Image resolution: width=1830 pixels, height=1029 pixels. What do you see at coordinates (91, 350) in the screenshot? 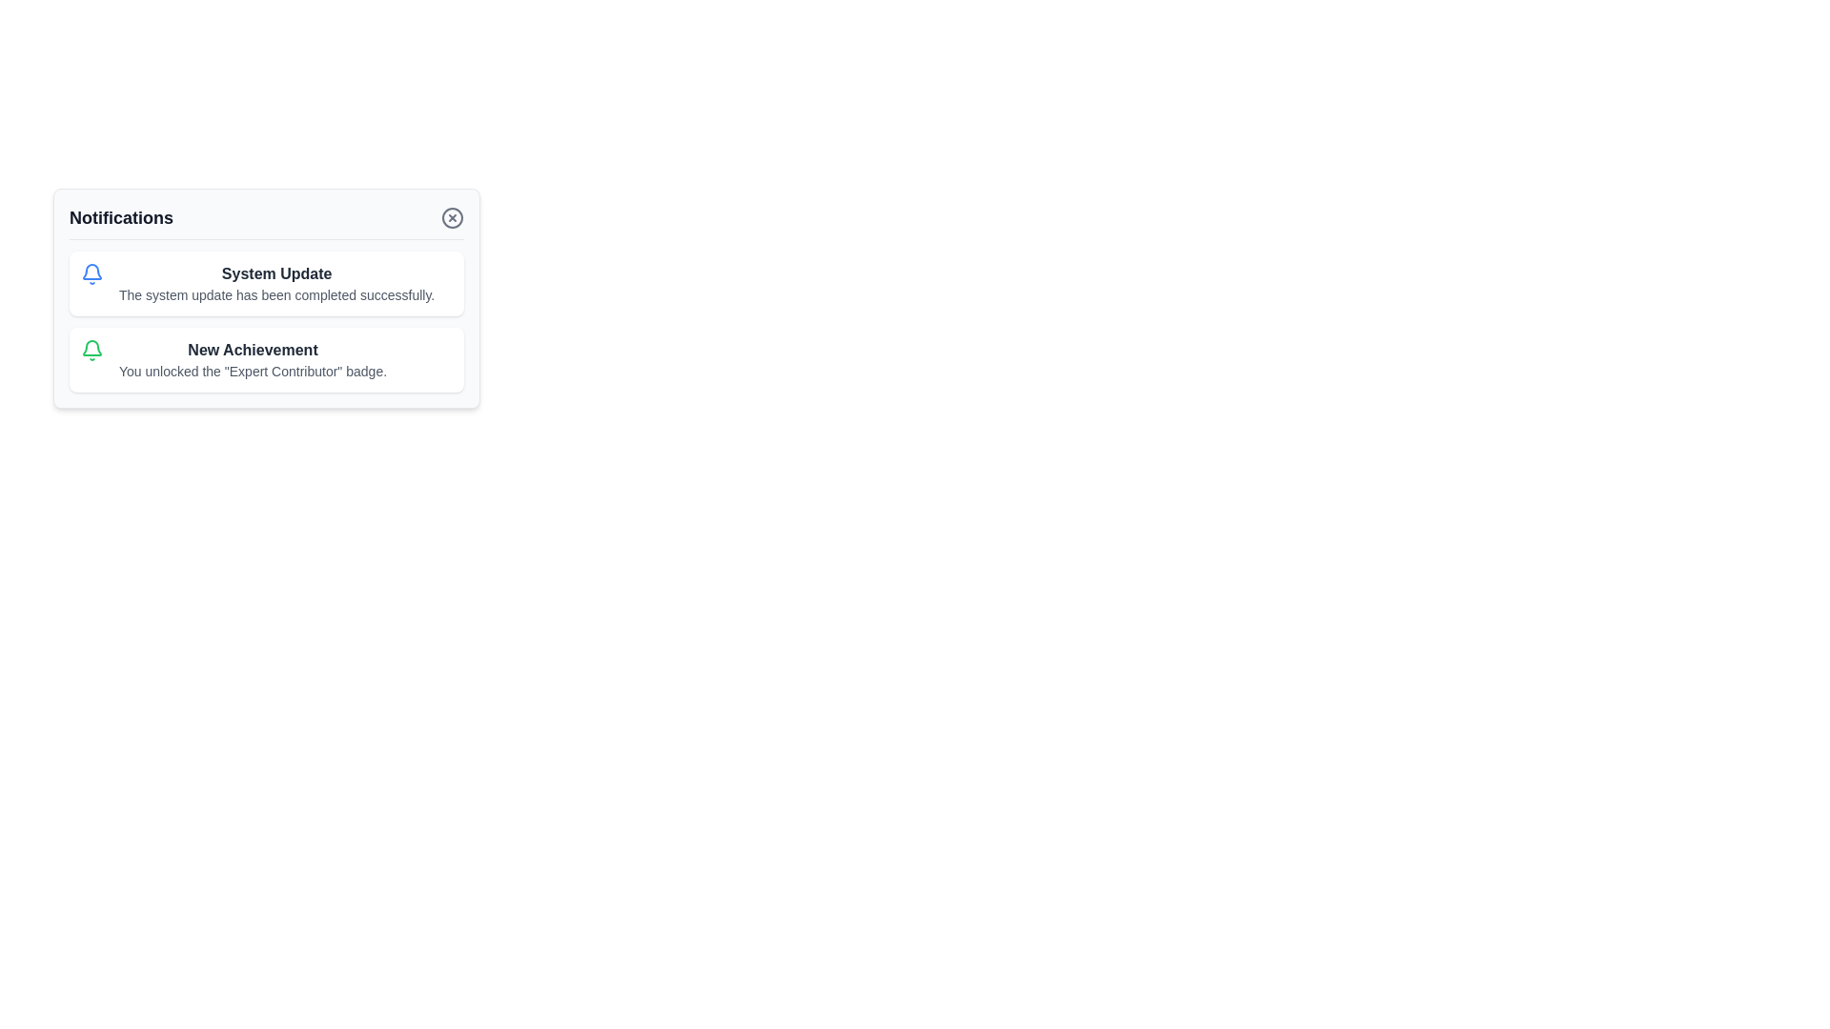
I see `the bell-shaped icon with a green outline located to the left of the 'New Achievement' text in the notification card` at bounding box center [91, 350].